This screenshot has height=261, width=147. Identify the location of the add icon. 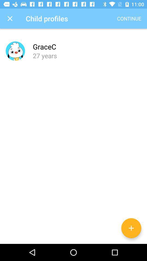
(131, 228).